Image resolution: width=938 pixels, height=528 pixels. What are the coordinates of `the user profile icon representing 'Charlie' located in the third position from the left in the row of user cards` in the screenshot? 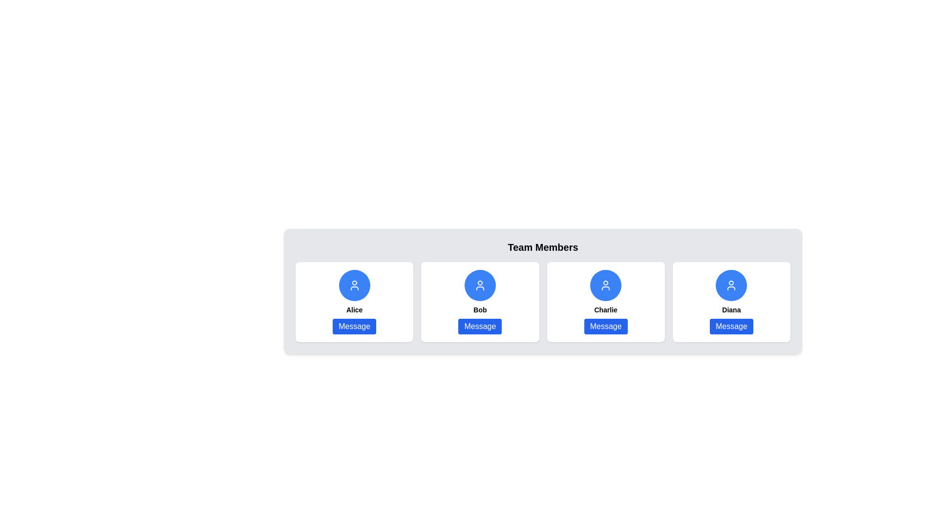 It's located at (605, 285).